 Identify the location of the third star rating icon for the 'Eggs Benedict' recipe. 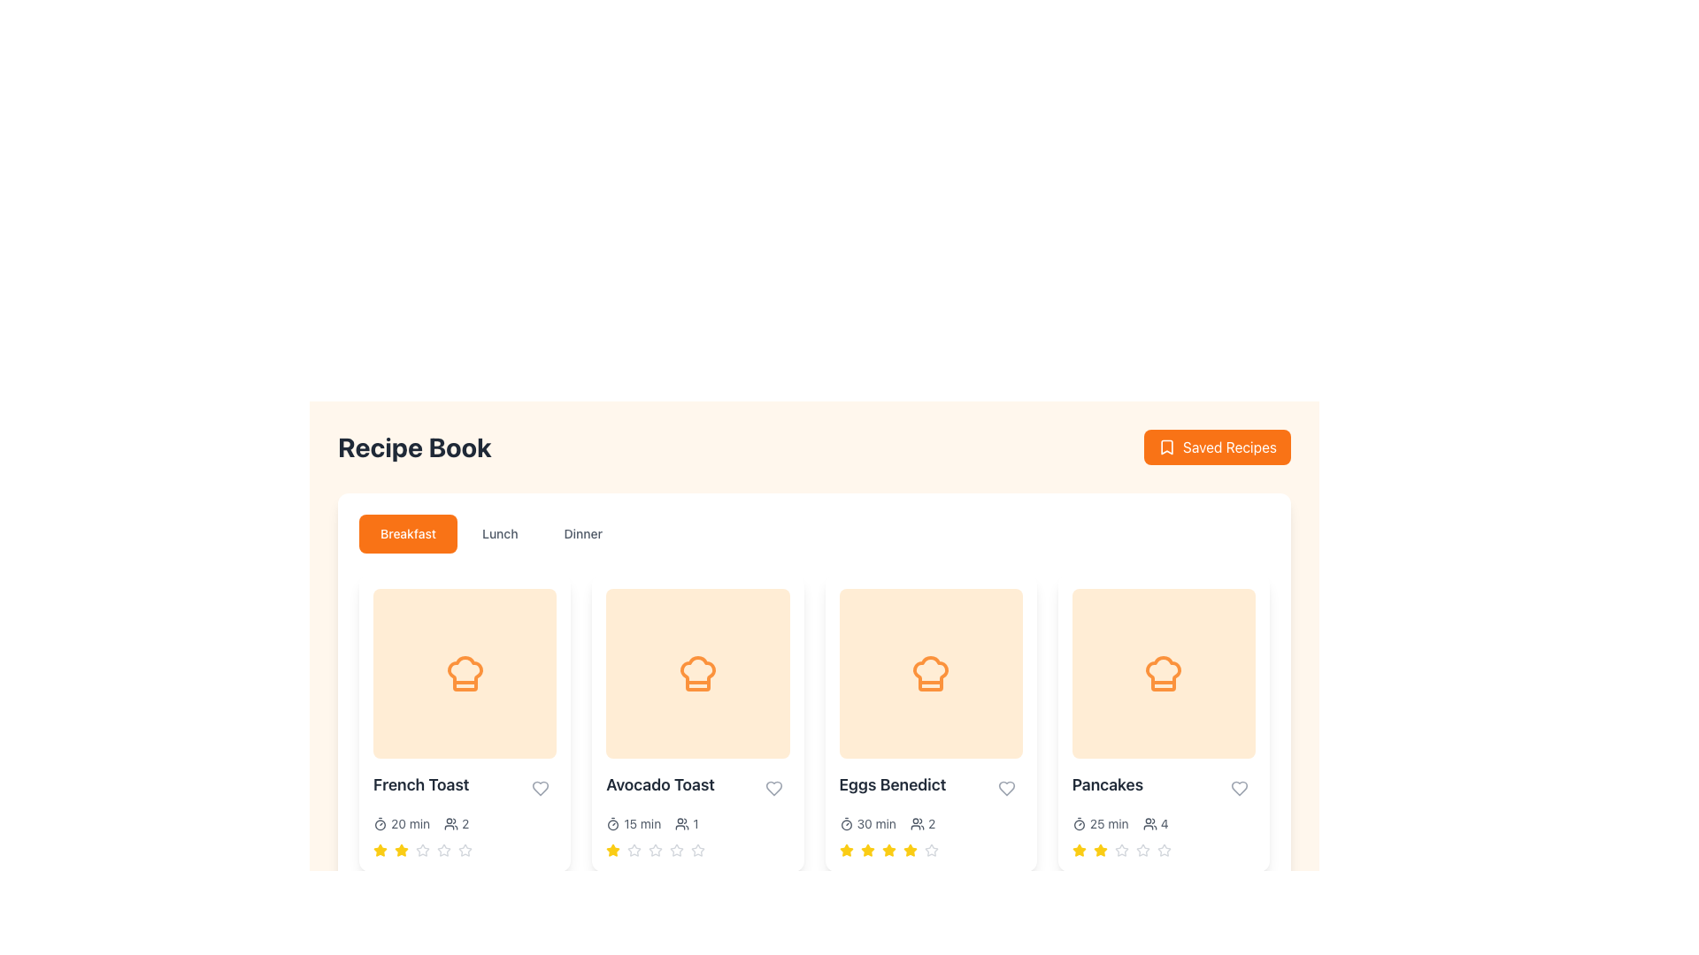
(888, 849).